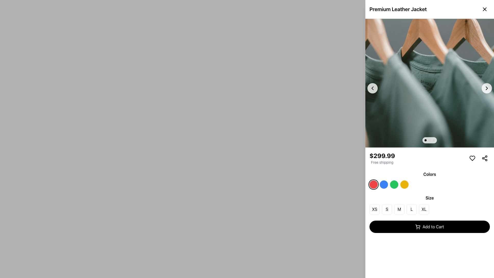 The image size is (494, 278). I want to click on the size option buttons in the row of size selection options marked 'XS', 'S', 'M', 'L', and 'XL', so click(430, 209).